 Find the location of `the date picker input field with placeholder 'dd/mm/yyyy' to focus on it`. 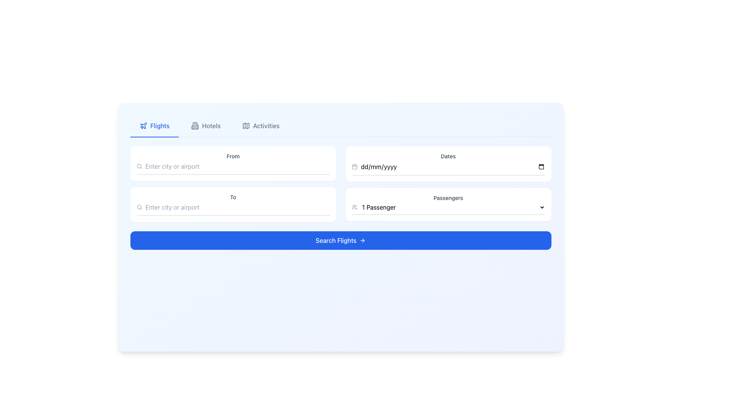

the date picker input field with placeholder 'dd/mm/yyyy' to focus on it is located at coordinates (453, 166).